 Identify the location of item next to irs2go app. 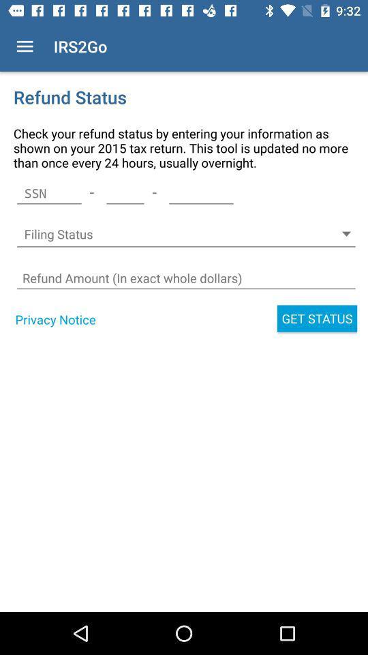
(25, 46).